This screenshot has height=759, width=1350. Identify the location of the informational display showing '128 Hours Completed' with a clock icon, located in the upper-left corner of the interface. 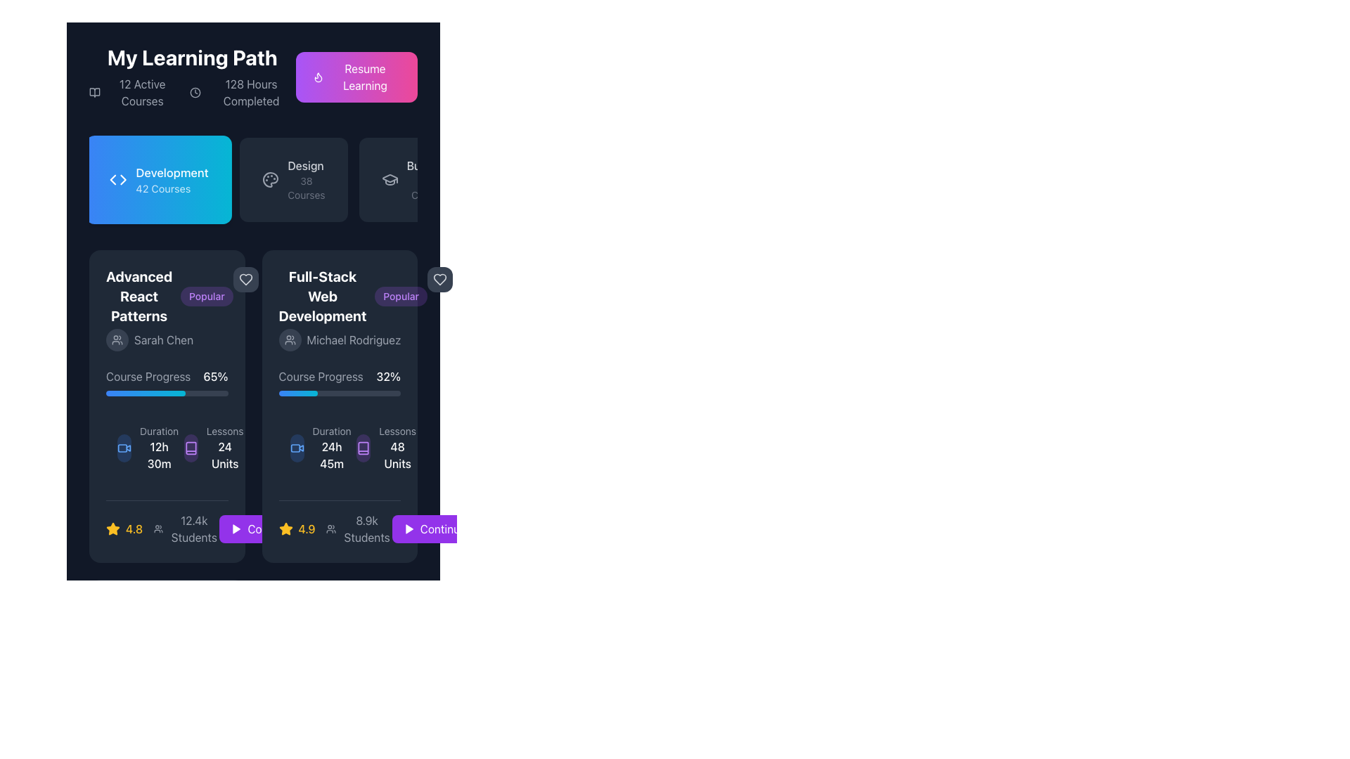
(243, 92).